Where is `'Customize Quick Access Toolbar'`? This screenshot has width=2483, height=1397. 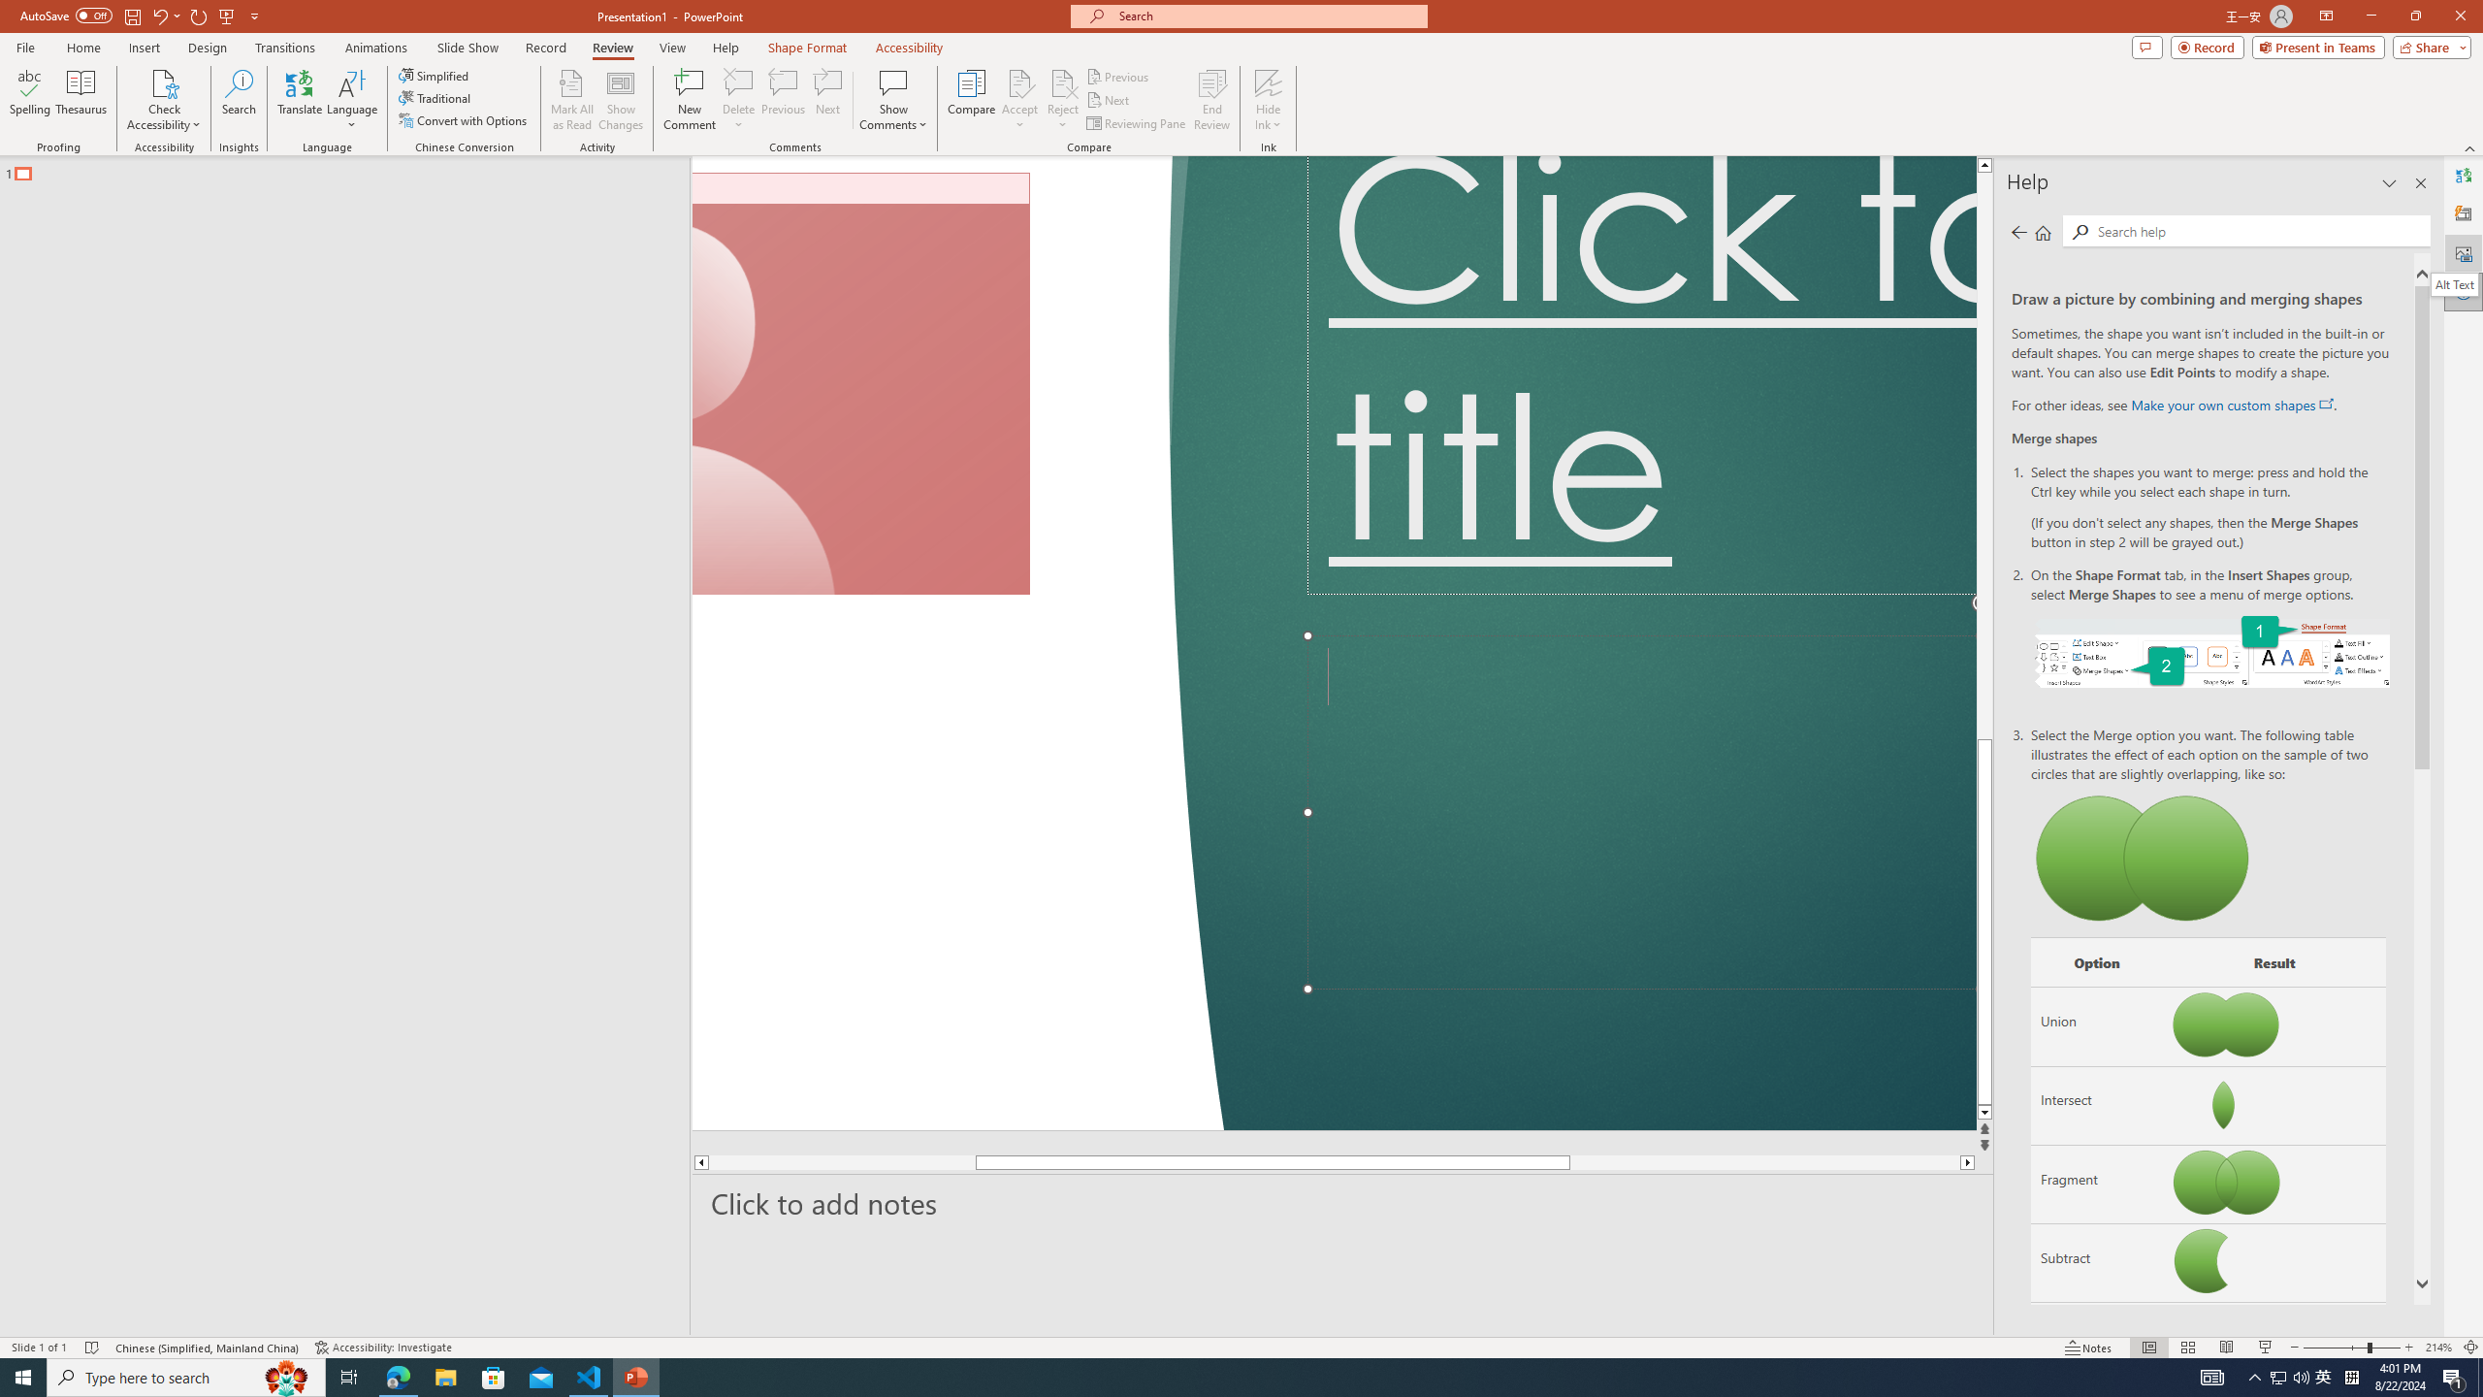
'Customize Quick Access Toolbar' is located at coordinates (253, 15).